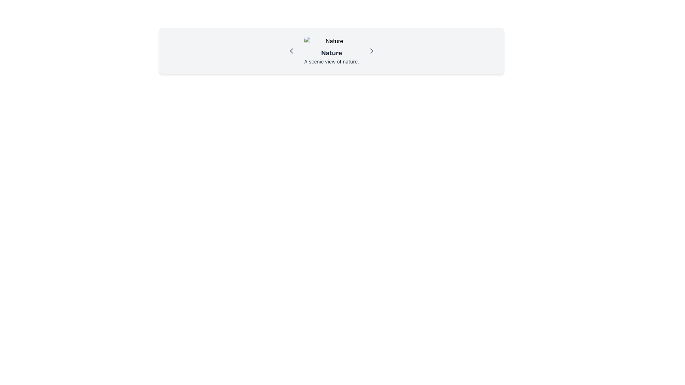 This screenshot has height=385, width=685. I want to click on the leftward chevron icon in the navigation bar, so click(291, 50).